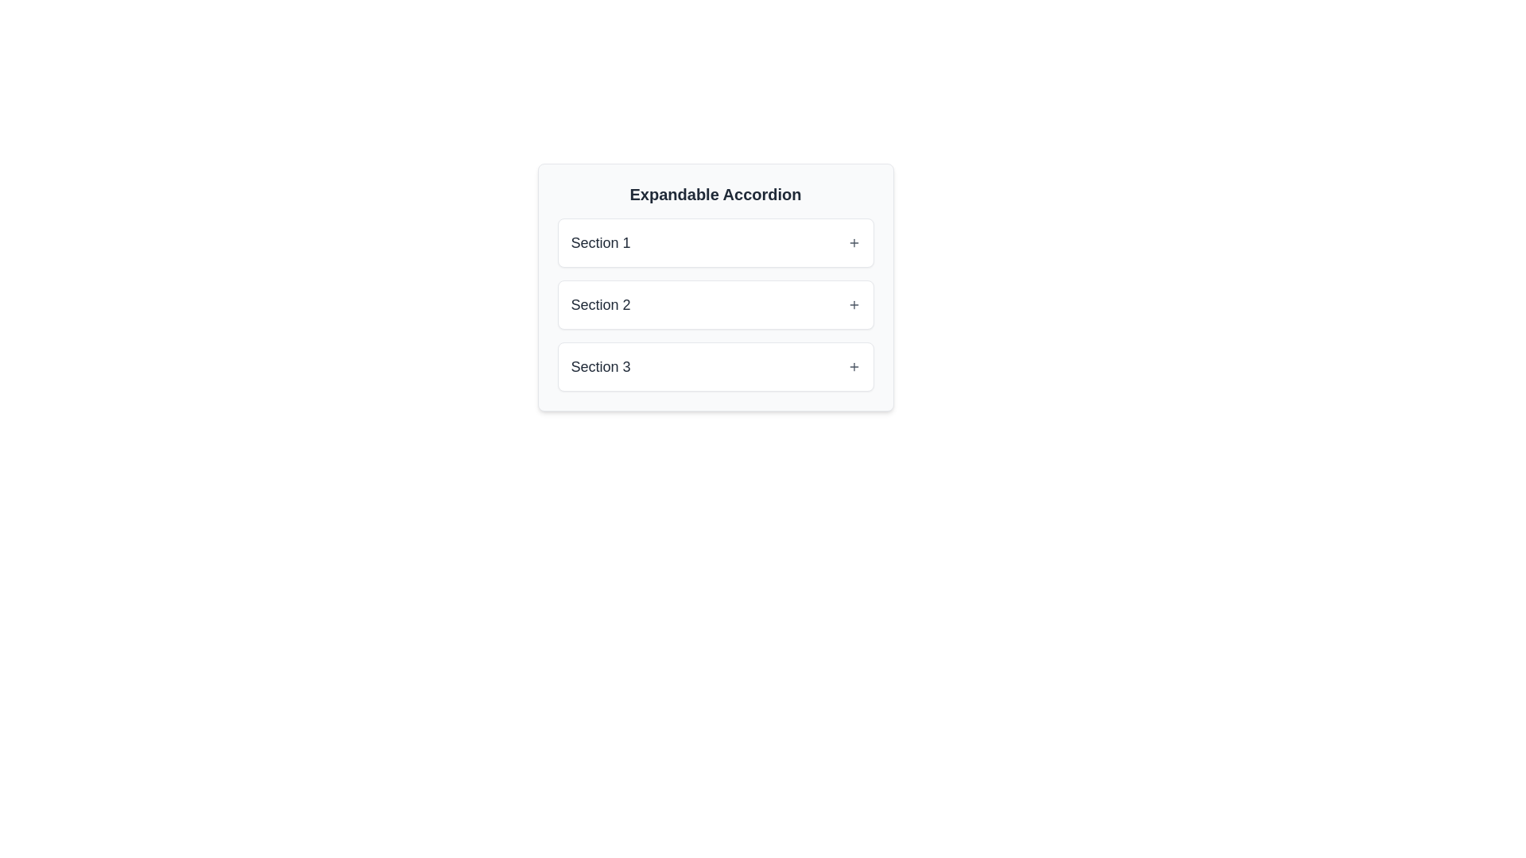 The width and height of the screenshot is (1526, 858). What do you see at coordinates (853, 305) in the screenshot?
I see `the plus icon button` at bounding box center [853, 305].